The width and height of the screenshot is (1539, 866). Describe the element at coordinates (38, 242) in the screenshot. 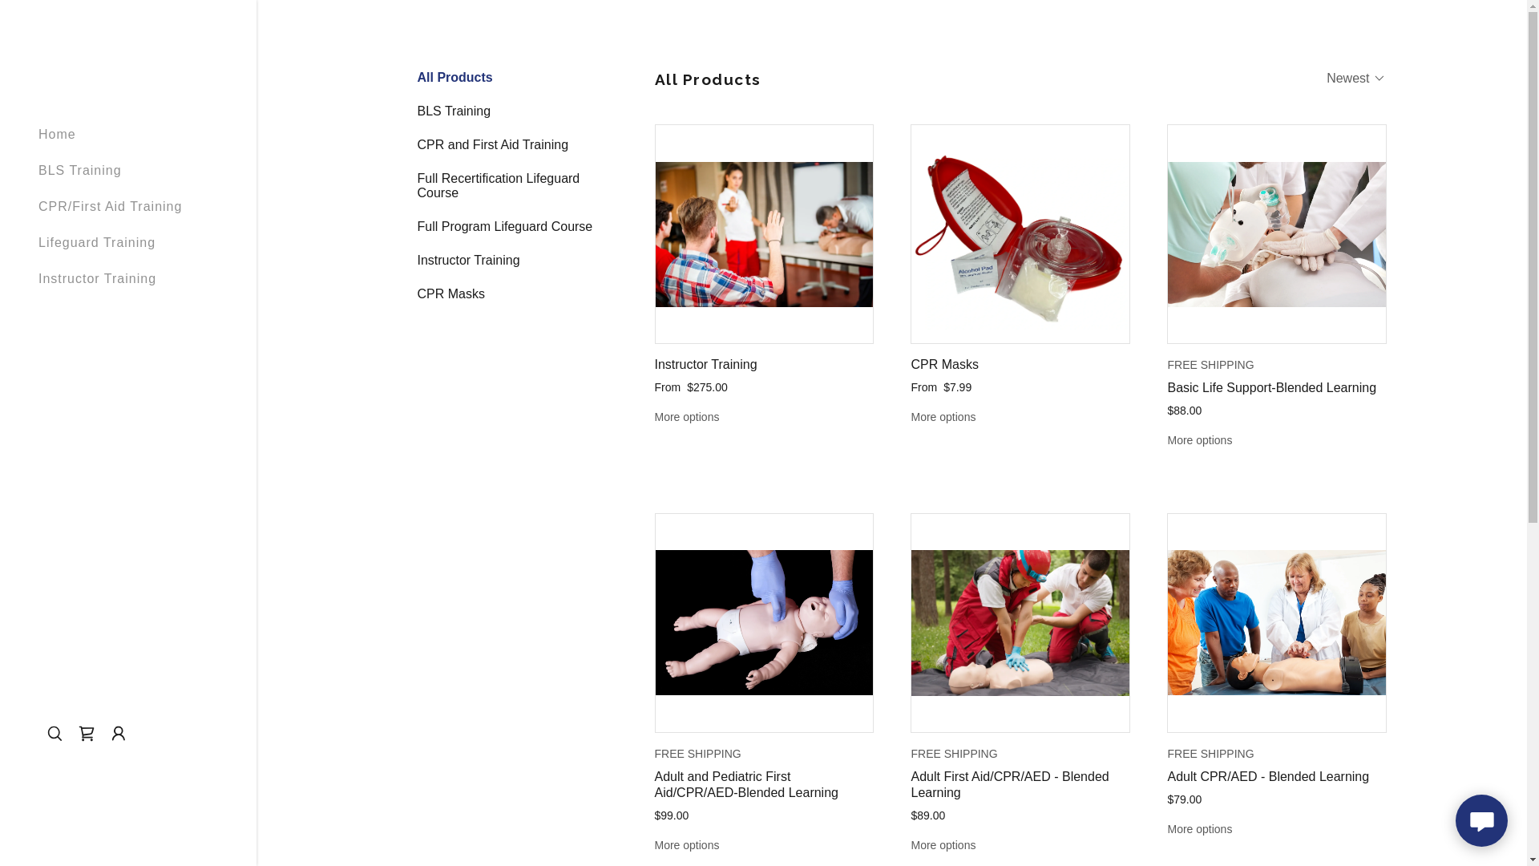

I see `'Lifeguard Training'` at that location.